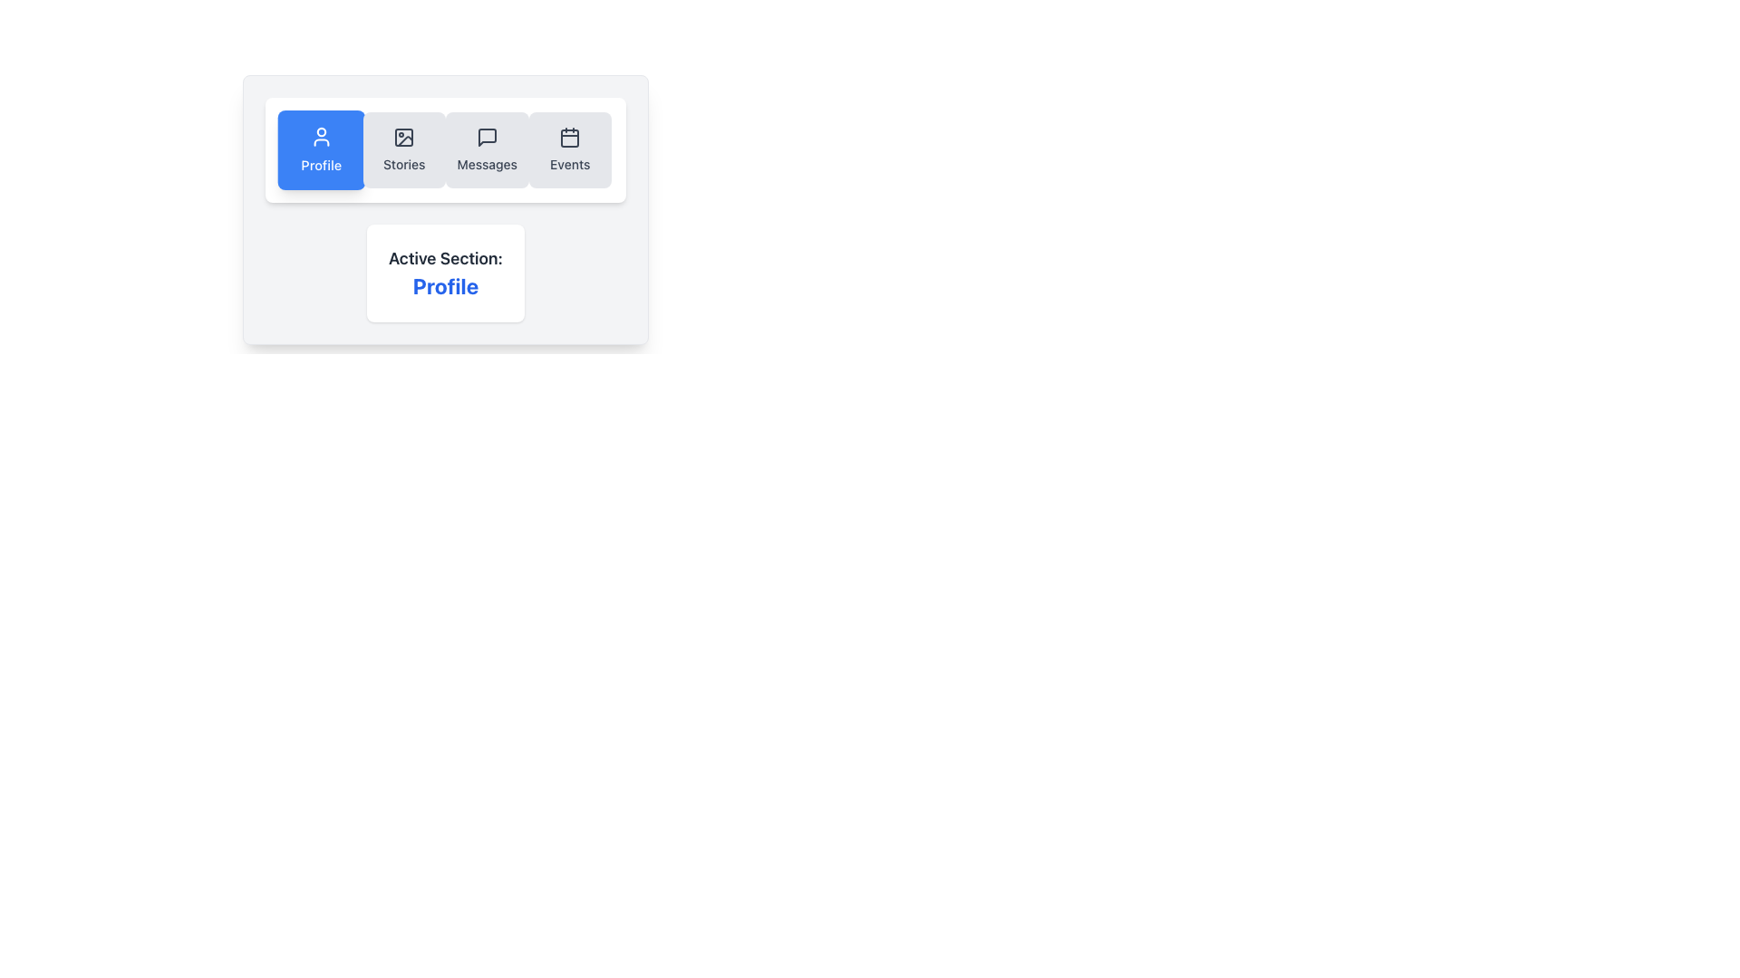  What do you see at coordinates (569, 164) in the screenshot?
I see `the 'Events' text label which is associated with the calendar icon and is the last menu item in the horizontal list of buttons` at bounding box center [569, 164].